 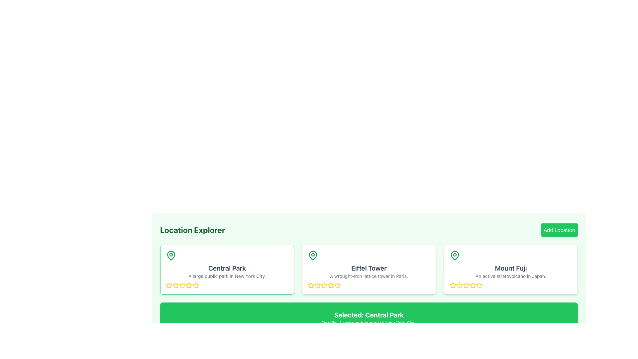 I want to click on the Rating Star Icon, which is a yellow outlined star-shaped icon located under the 'Mount Fuji' card, the third card in a horizontal list, so click(x=453, y=285).